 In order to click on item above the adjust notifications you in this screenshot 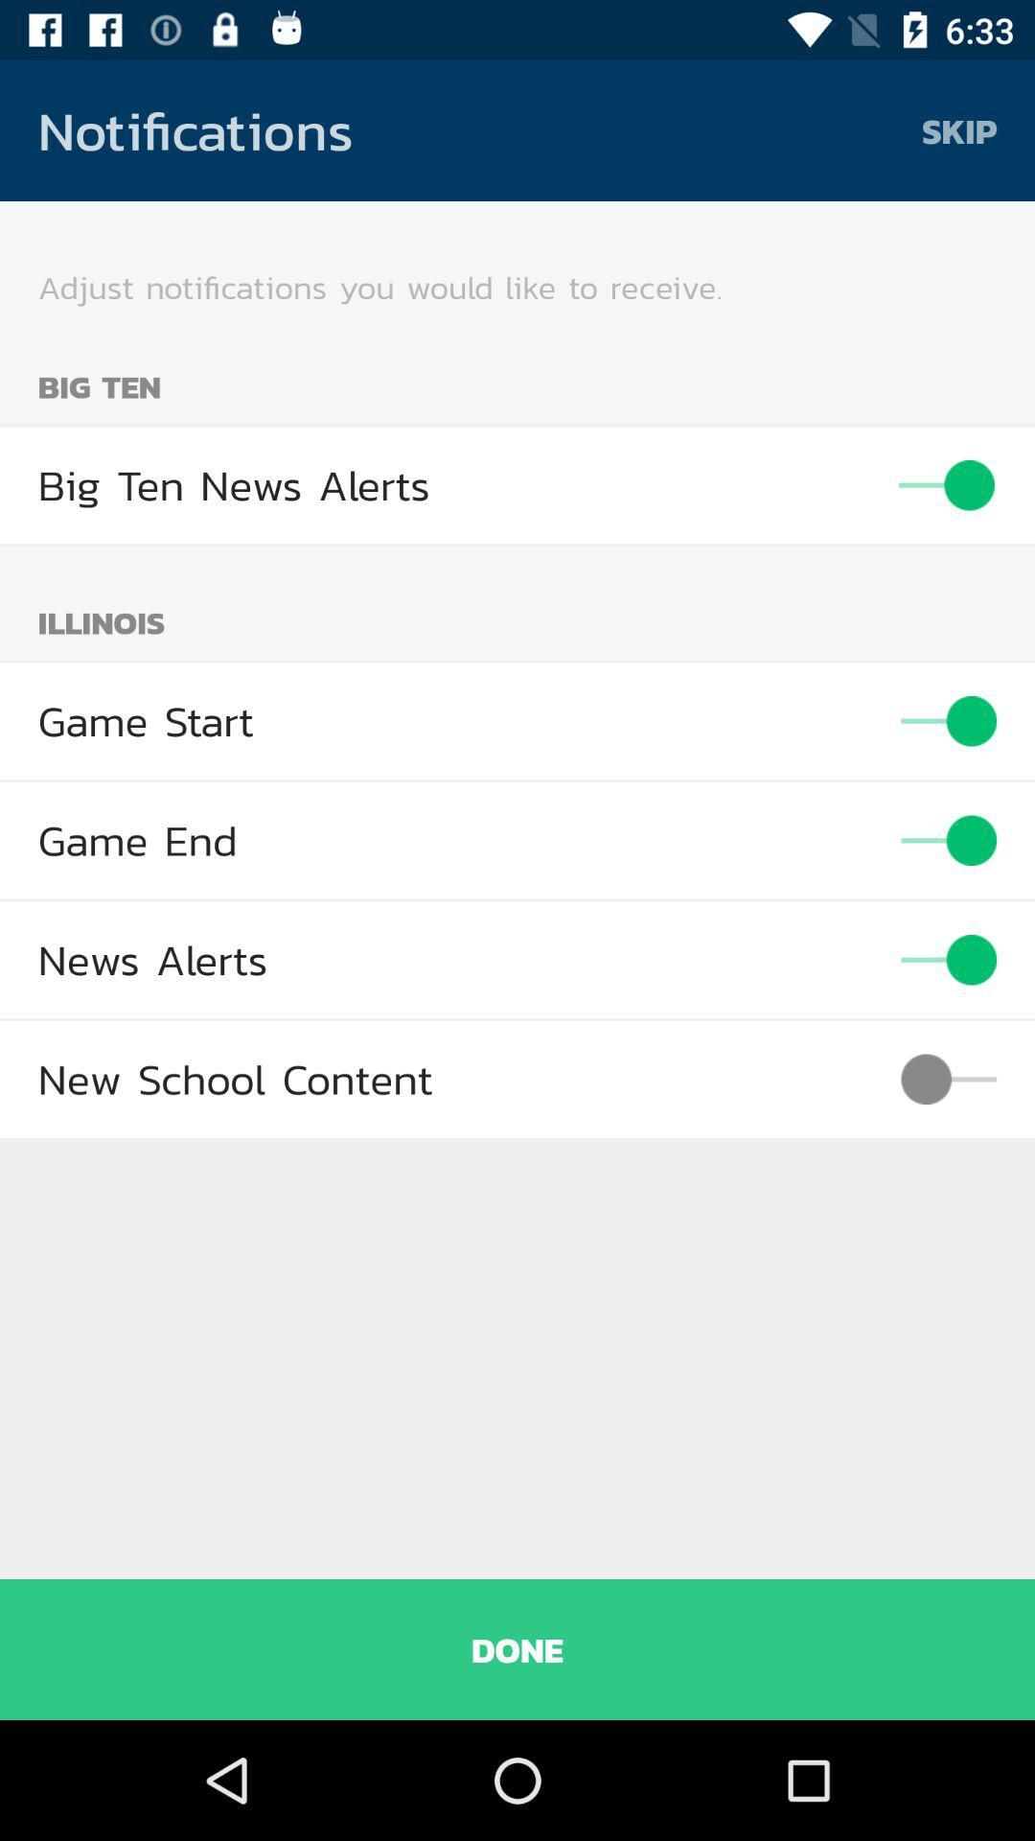, I will do `click(959, 129)`.